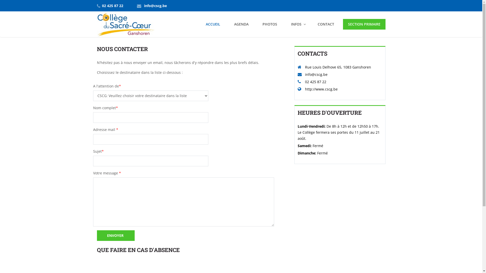 The height and width of the screenshot is (273, 486). I want to click on 'http://www.cscg.be', so click(321, 89).